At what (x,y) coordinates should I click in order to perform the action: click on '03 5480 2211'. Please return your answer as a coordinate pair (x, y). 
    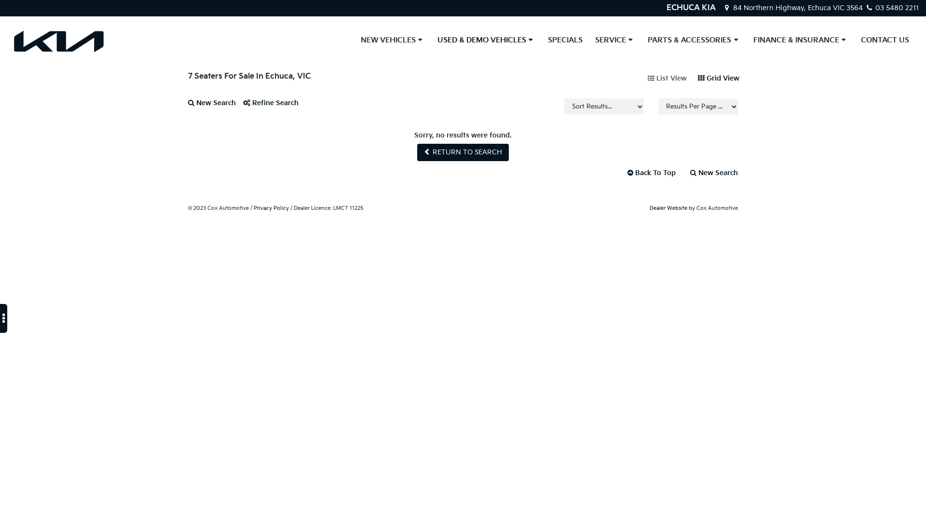
    Looking at the image, I should click on (891, 8).